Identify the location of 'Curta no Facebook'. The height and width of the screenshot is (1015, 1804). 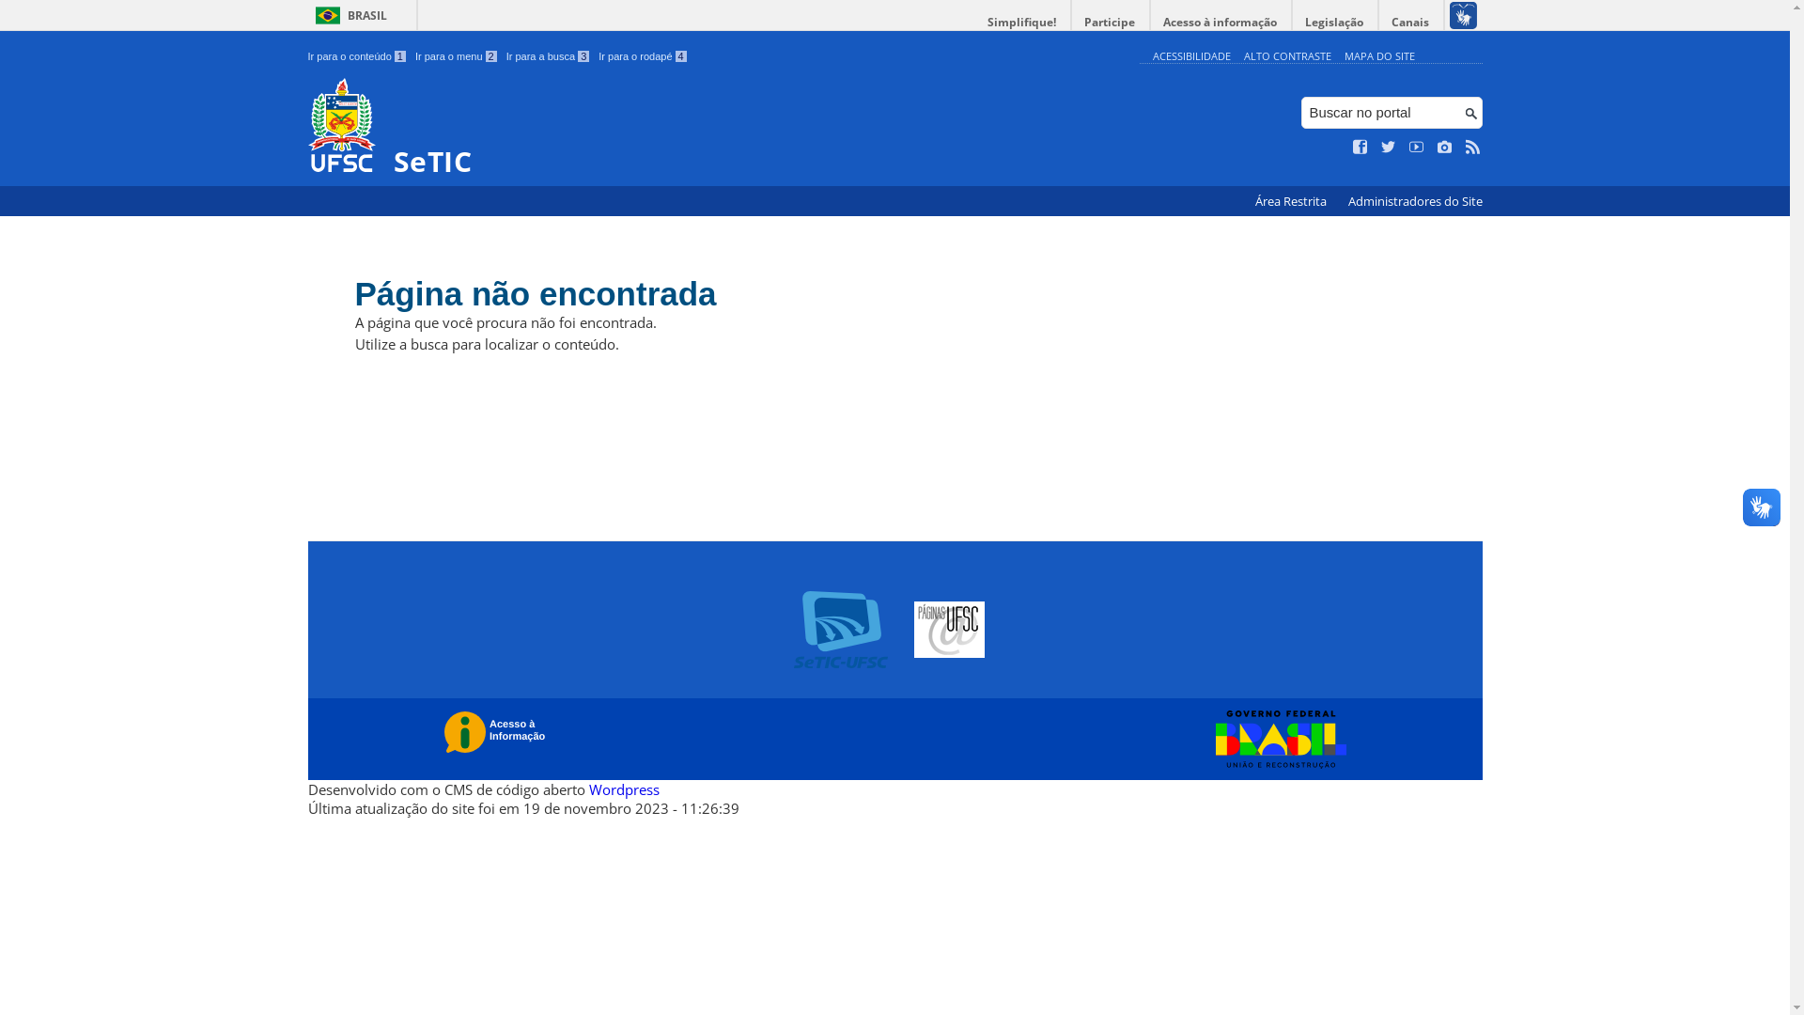
(1361, 147).